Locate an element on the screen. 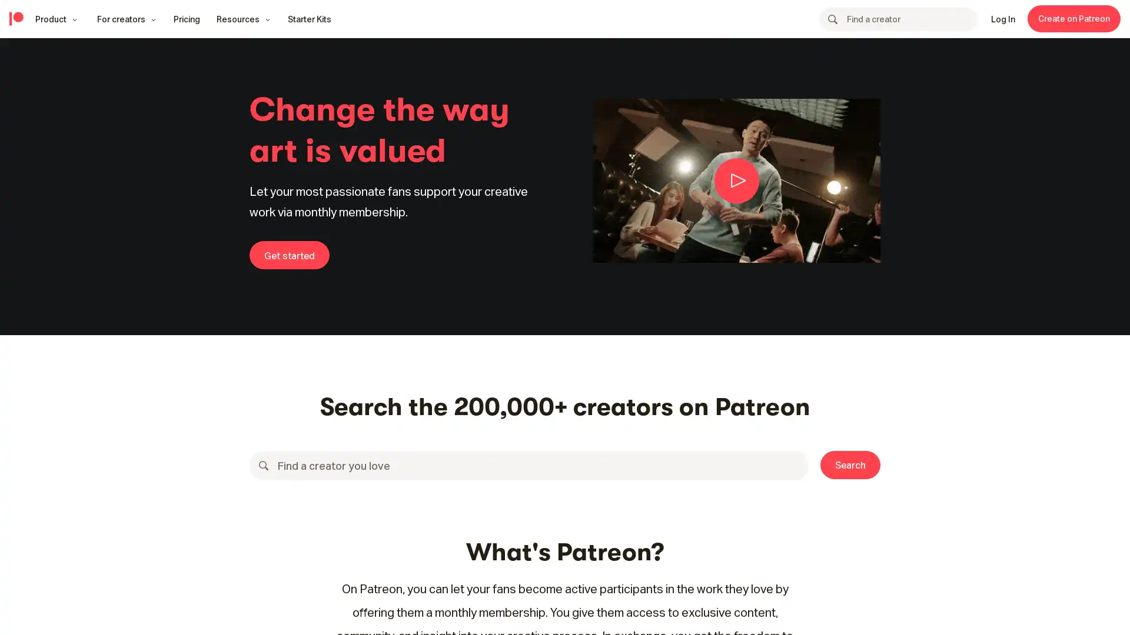  Search is located at coordinates (850, 464).